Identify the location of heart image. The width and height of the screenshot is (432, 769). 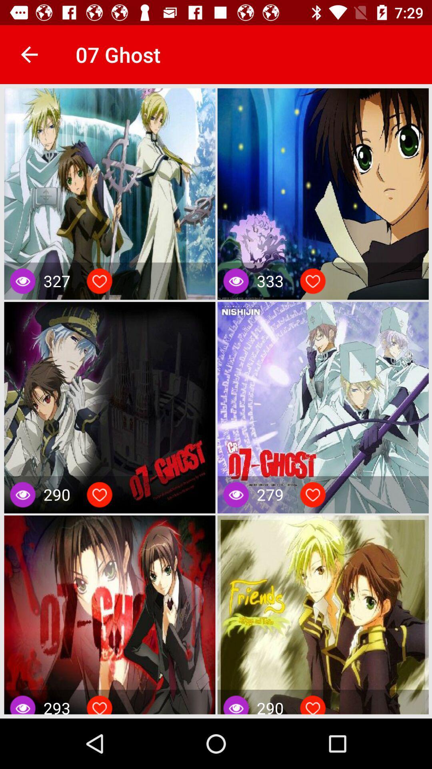
(312, 707).